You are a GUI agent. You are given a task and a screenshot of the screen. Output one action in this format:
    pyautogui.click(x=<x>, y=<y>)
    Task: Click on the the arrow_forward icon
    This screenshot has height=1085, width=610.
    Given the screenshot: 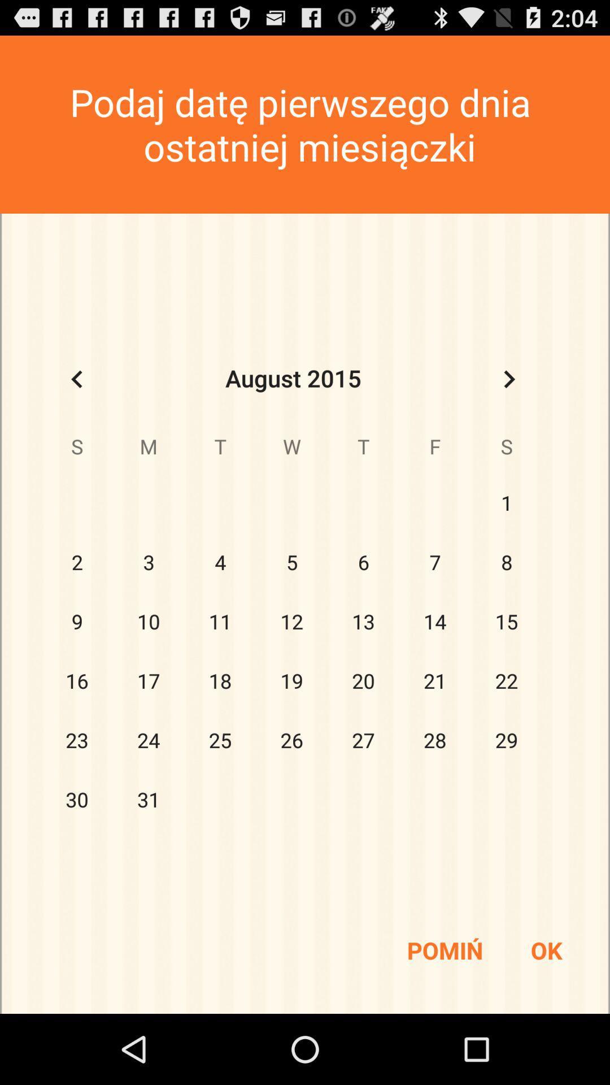 What is the action you would take?
    pyautogui.click(x=509, y=406)
    